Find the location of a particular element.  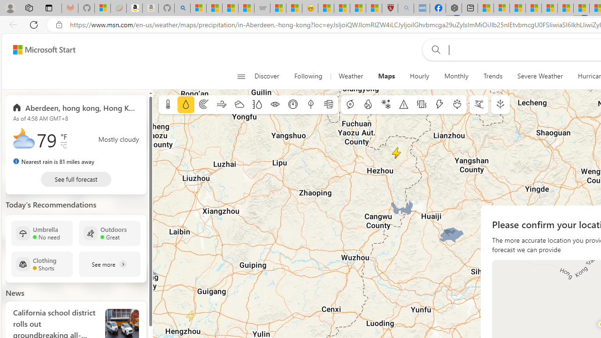

'Monthly' is located at coordinates (456, 76).